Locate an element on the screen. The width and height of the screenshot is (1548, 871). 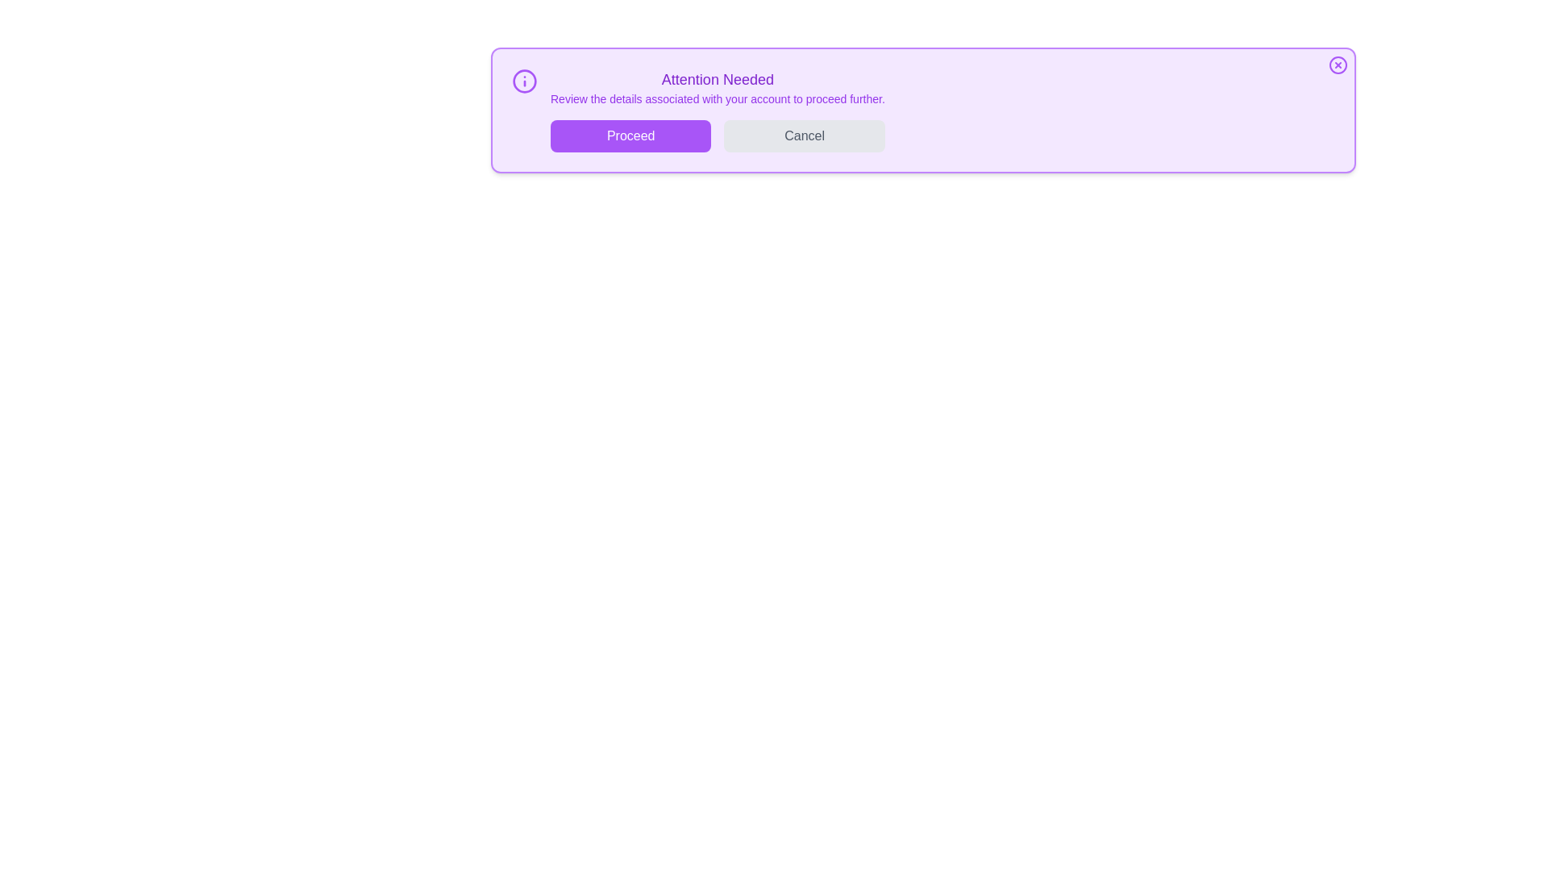
'Proceed' button to proceed with the action is located at coordinates (630, 135).